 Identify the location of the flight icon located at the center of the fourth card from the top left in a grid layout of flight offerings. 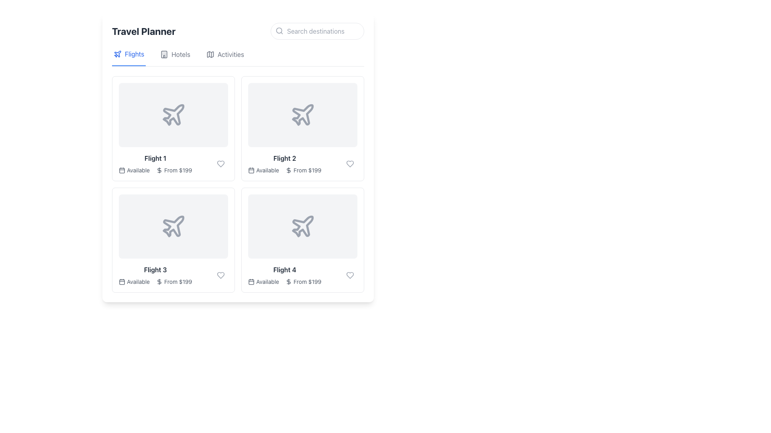
(302, 226).